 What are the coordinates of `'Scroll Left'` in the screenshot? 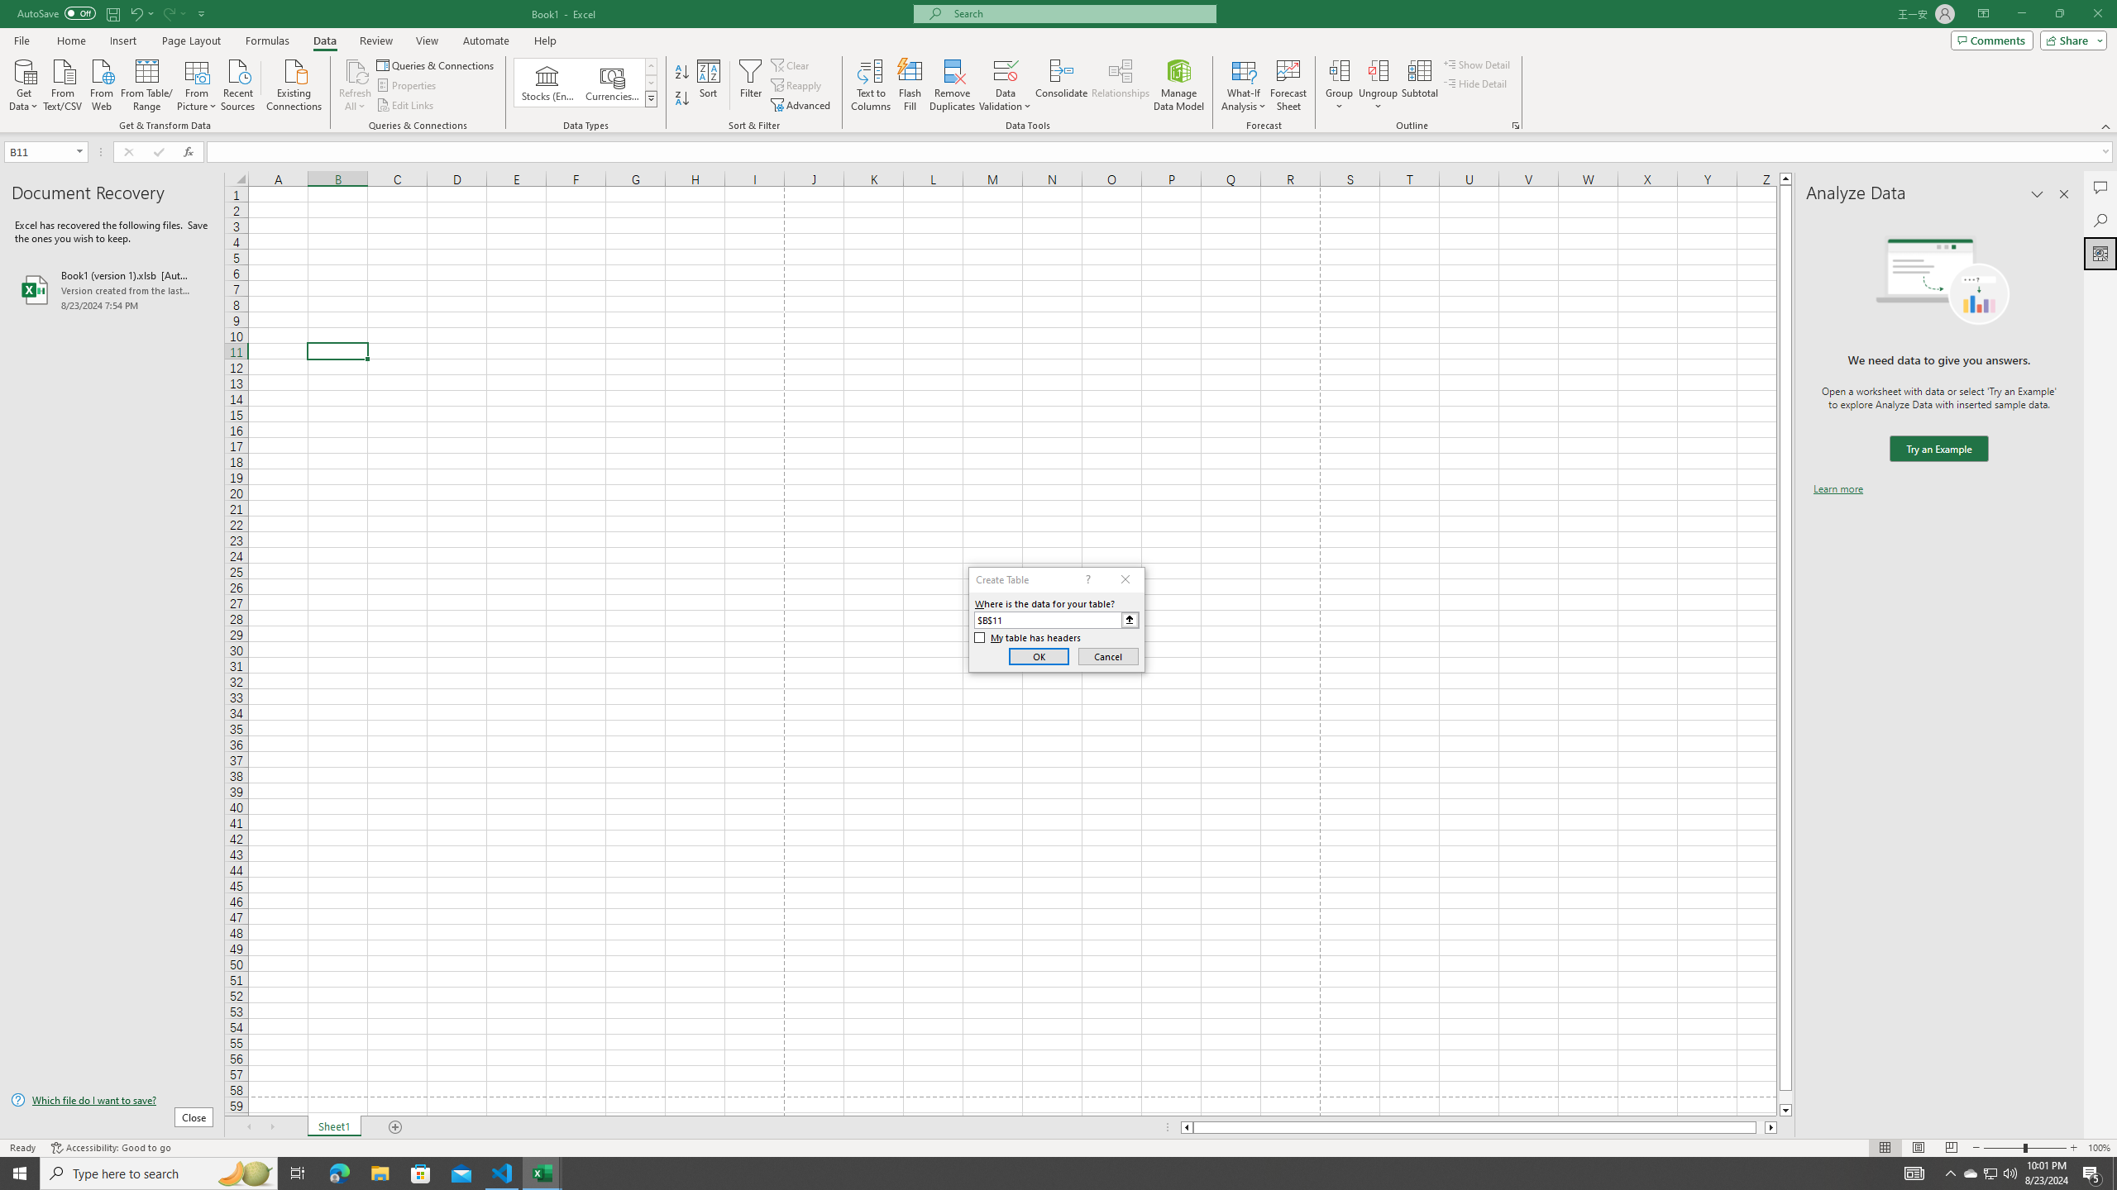 It's located at (247, 1126).